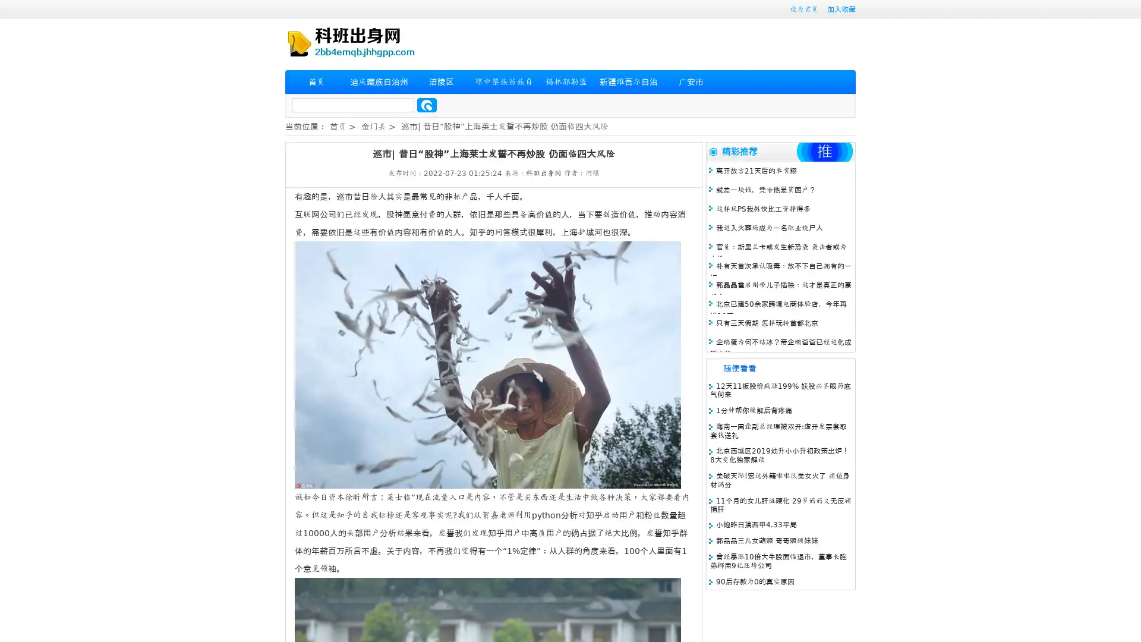 Image resolution: width=1141 pixels, height=642 pixels. Describe the element at coordinates (427, 105) in the screenshot. I see `Search` at that location.